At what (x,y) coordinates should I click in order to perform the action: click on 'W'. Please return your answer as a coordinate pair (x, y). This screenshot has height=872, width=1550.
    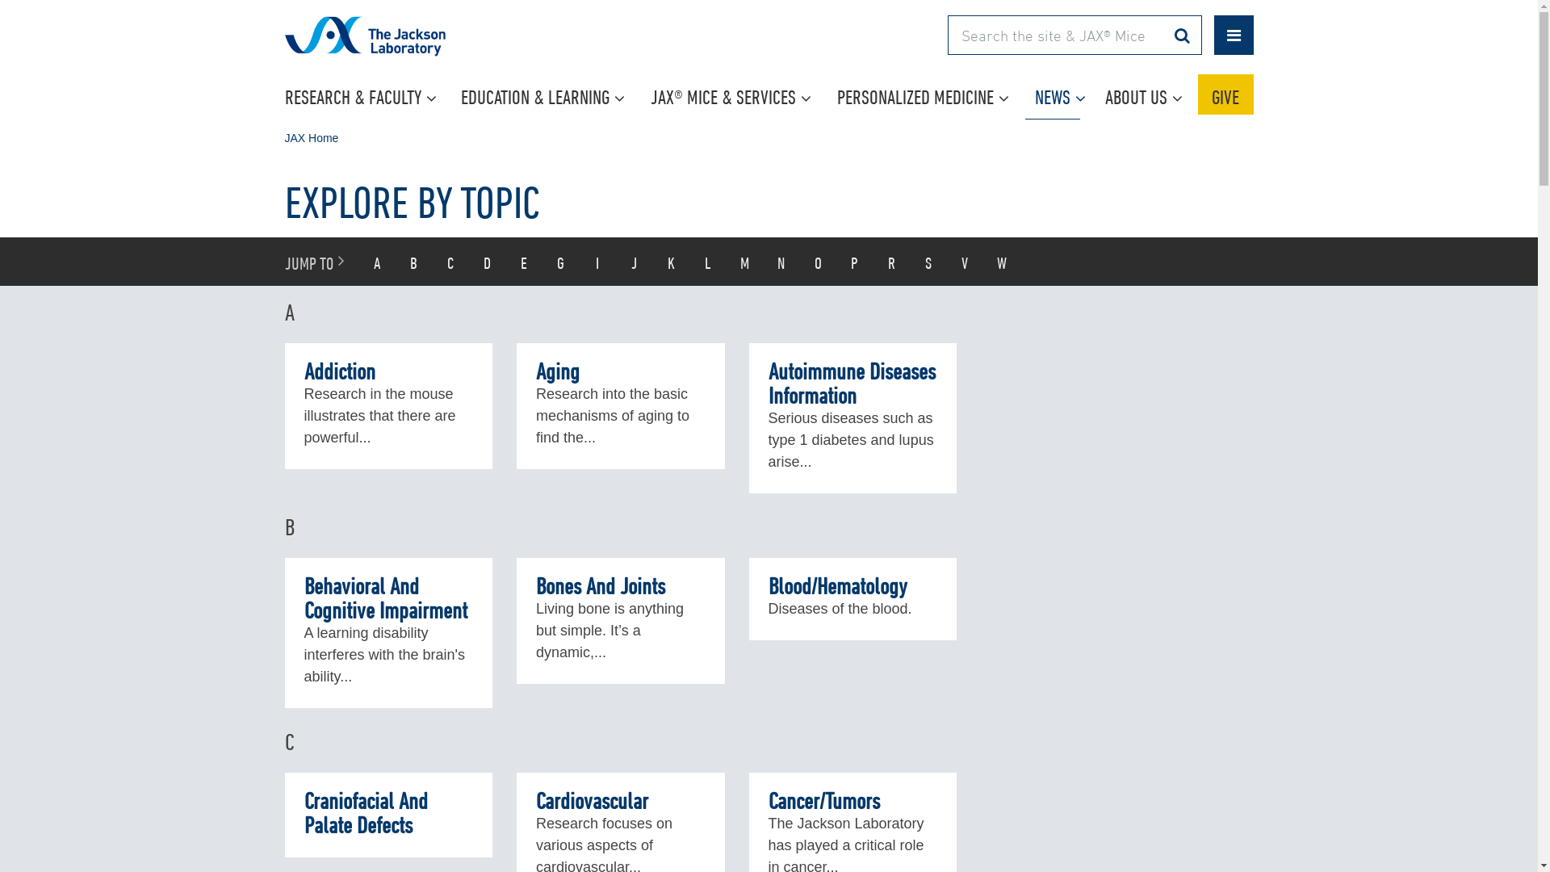
    Looking at the image, I should click on (1001, 261).